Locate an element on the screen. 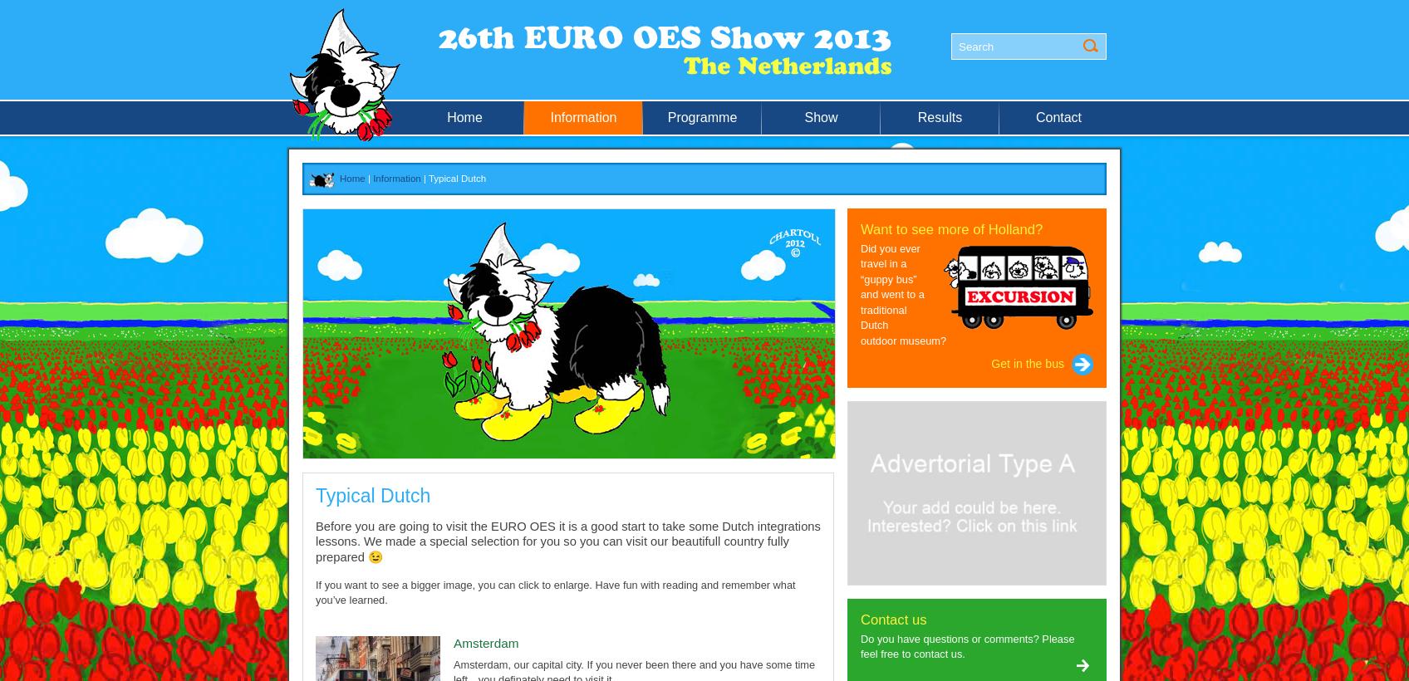  'Do you have questions or comments? Please feel free to contact us.' is located at coordinates (967, 646).